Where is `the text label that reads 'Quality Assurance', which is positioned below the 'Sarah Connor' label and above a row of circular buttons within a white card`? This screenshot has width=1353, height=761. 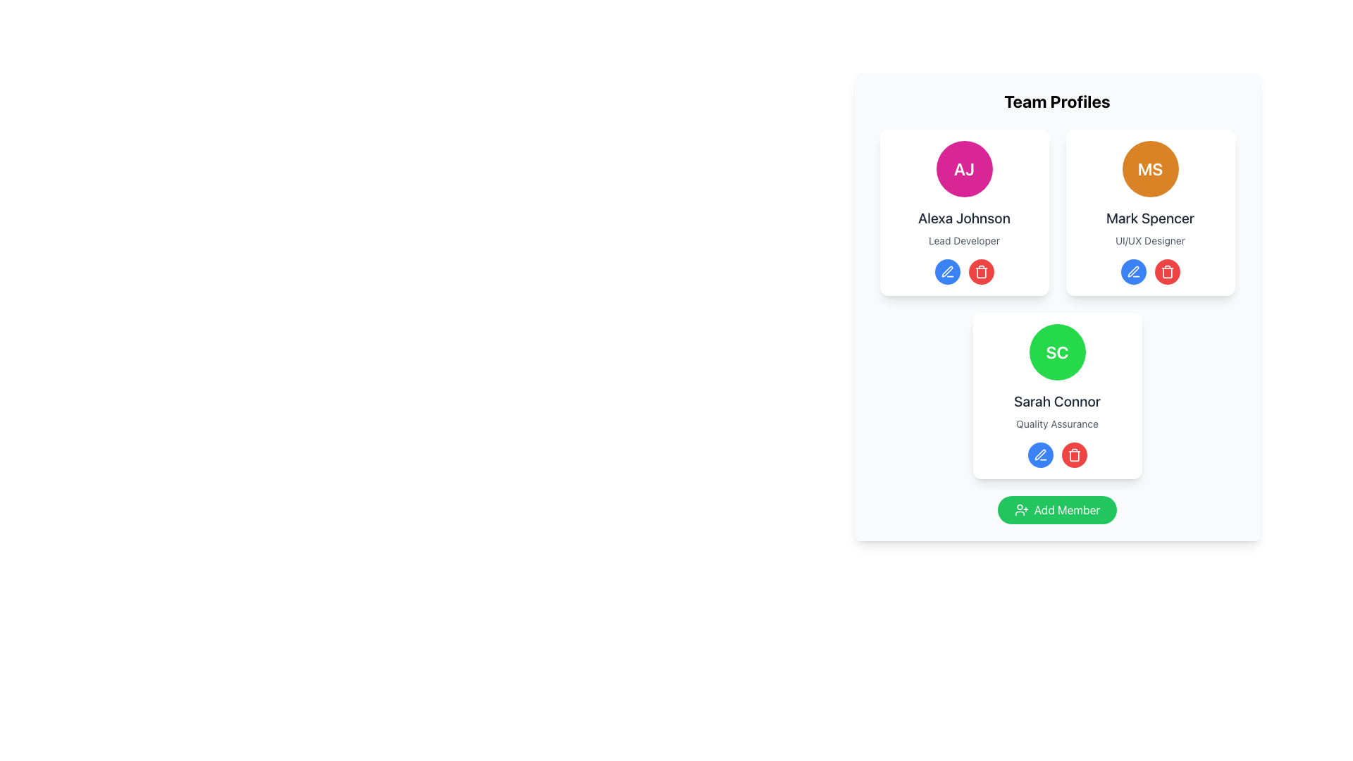 the text label that reads 'Quality Assurance', which is positioned below the 'Sarah Connor' label and above a row of circular buttons within a white card is located at coordinates (1057, 423).